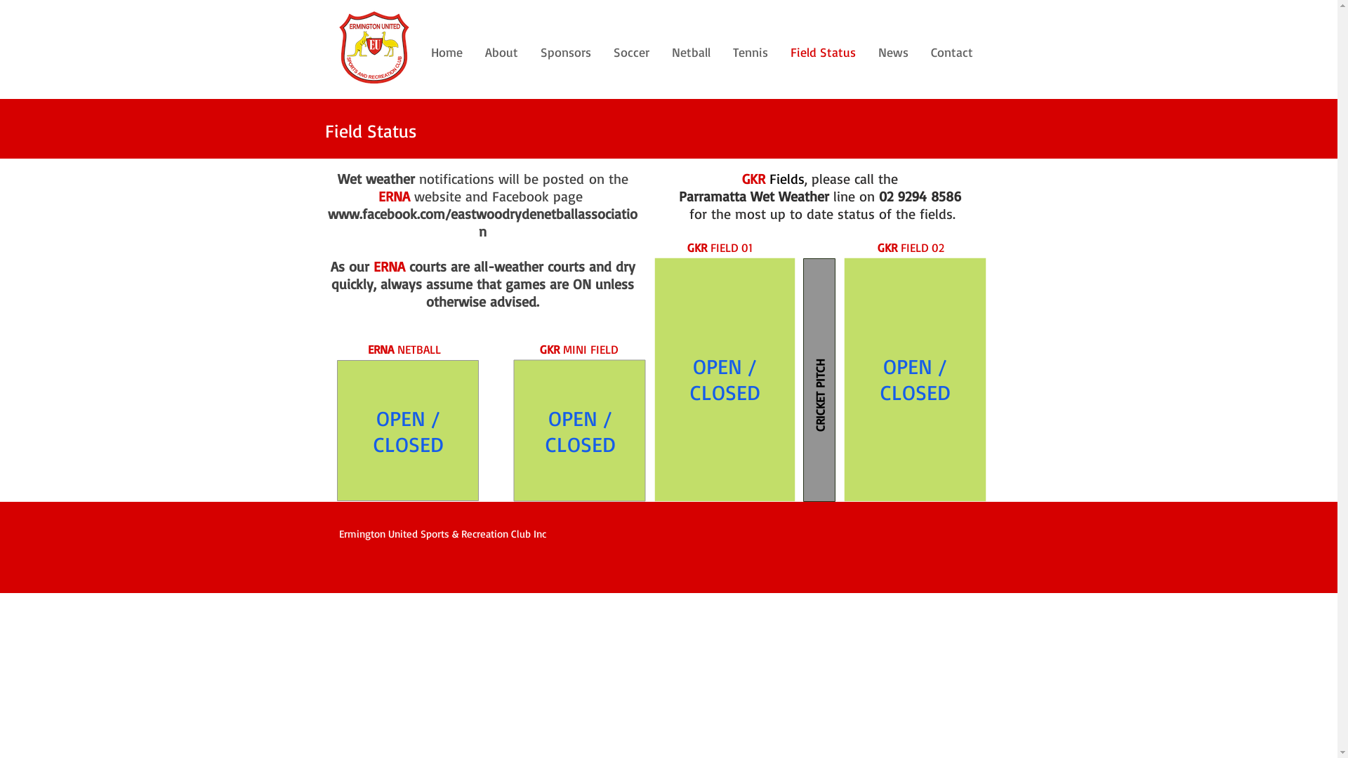 The image size is (1348, 758). What do you see at coordinates (823, 51) in the screenshot?
I see `'Field Status'` at bounding box center [823, 51].